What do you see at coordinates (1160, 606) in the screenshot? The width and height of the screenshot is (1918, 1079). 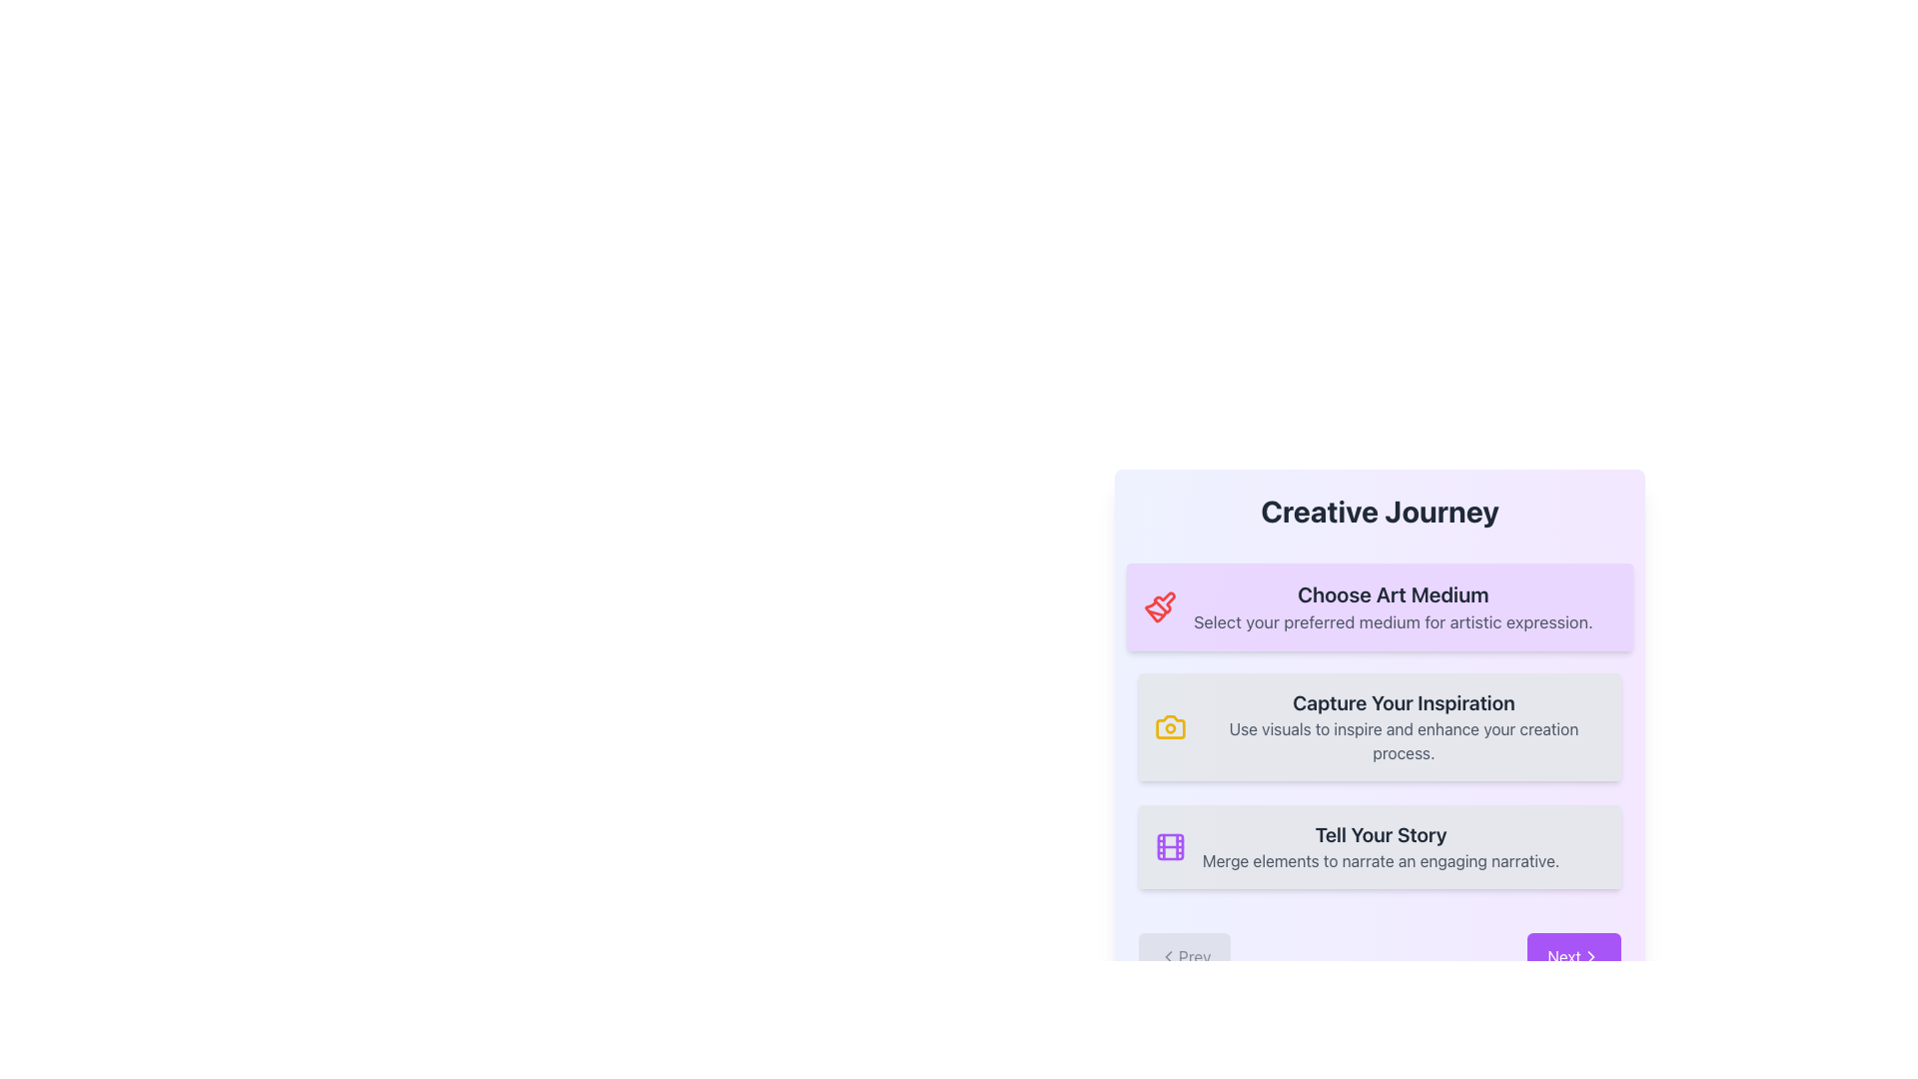 I see `the decorative icon representing the action of choosing an art medium, located to the left of the text 'Choose Art Medium' in the first item of the list under 'Creative Journey'` at bounding box center [1160, 606].